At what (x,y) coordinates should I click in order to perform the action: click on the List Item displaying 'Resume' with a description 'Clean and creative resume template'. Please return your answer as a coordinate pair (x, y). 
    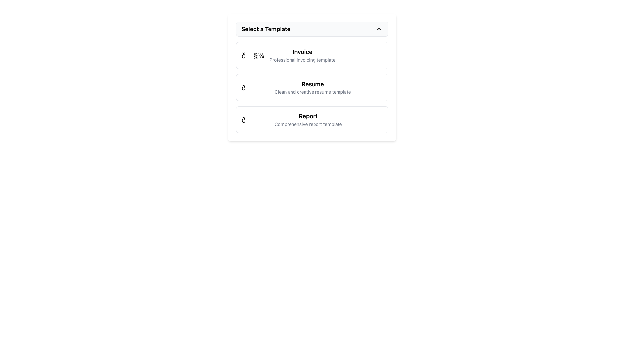
    Looking at the image, I should click on (296, 87).